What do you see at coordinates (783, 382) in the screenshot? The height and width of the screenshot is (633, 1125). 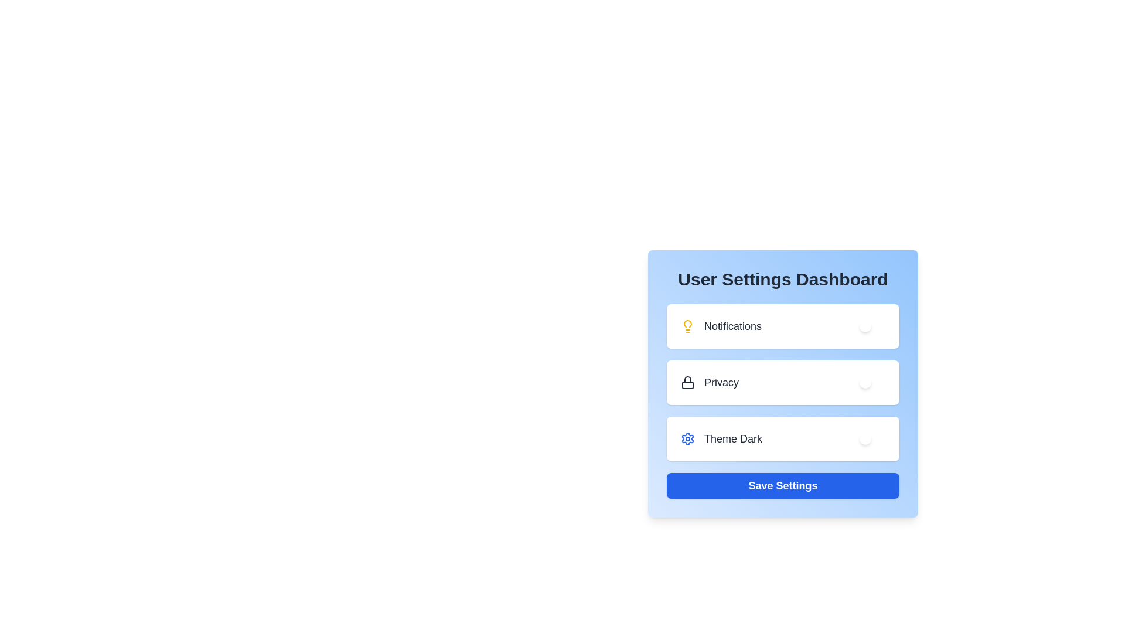 I see `the setting row corresponding to privacy` at bounding box center [783, 382].